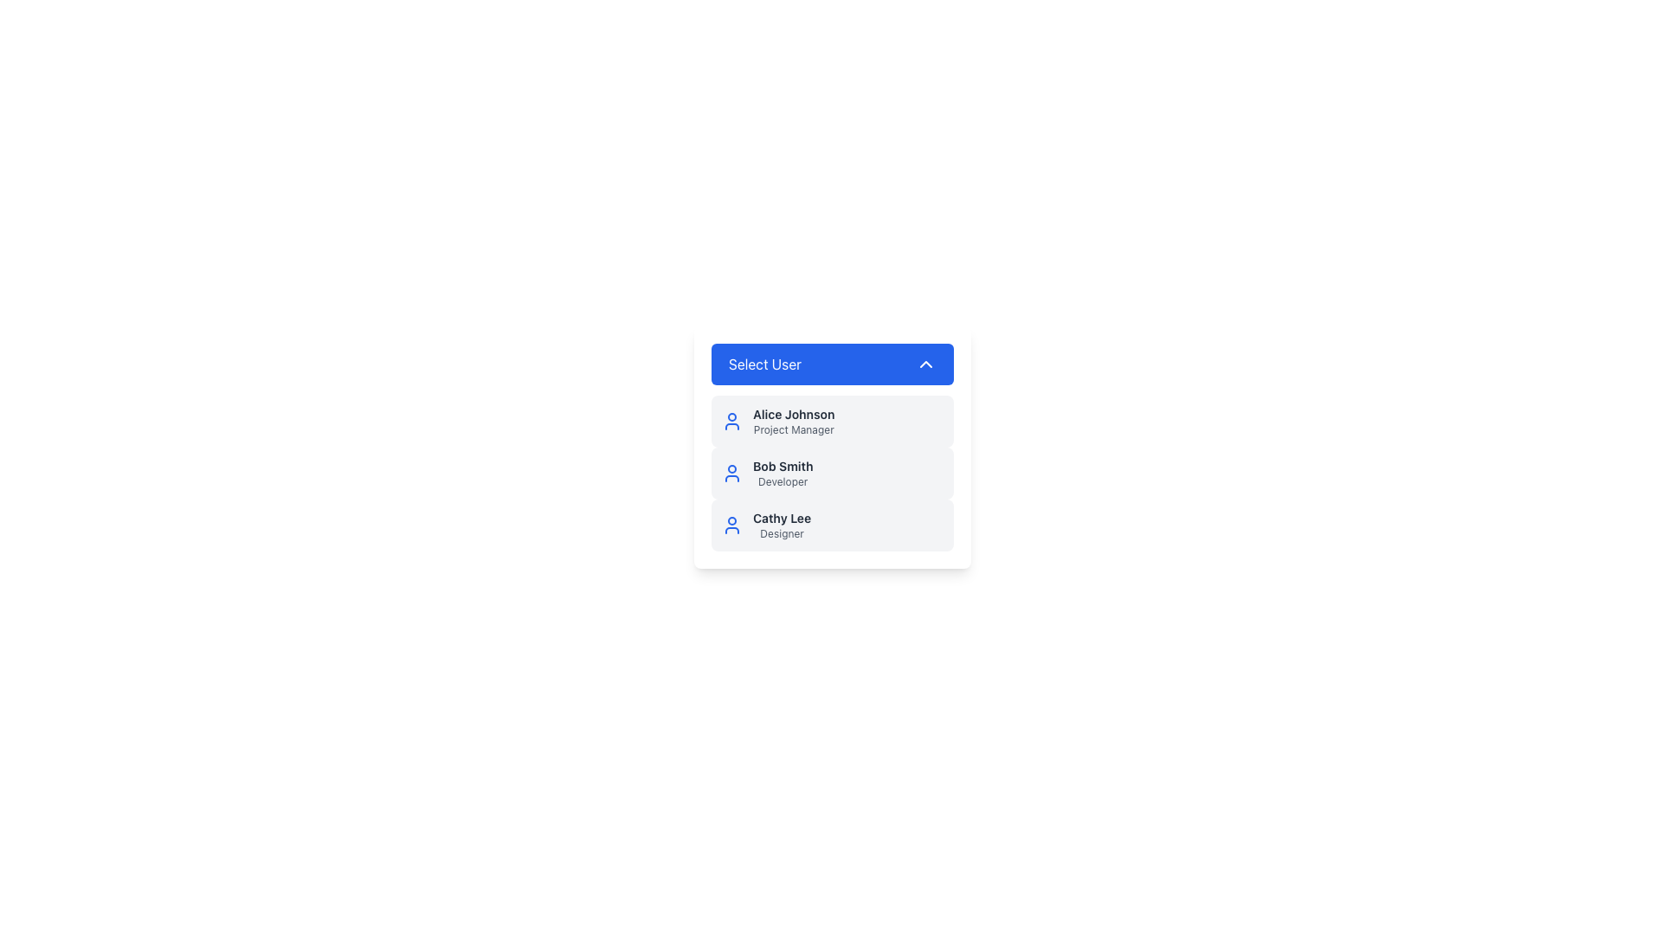  Describe the element at coordinates (832, 474) in the screenshot. I see `the second user profile listing in the vertical list` at that location.